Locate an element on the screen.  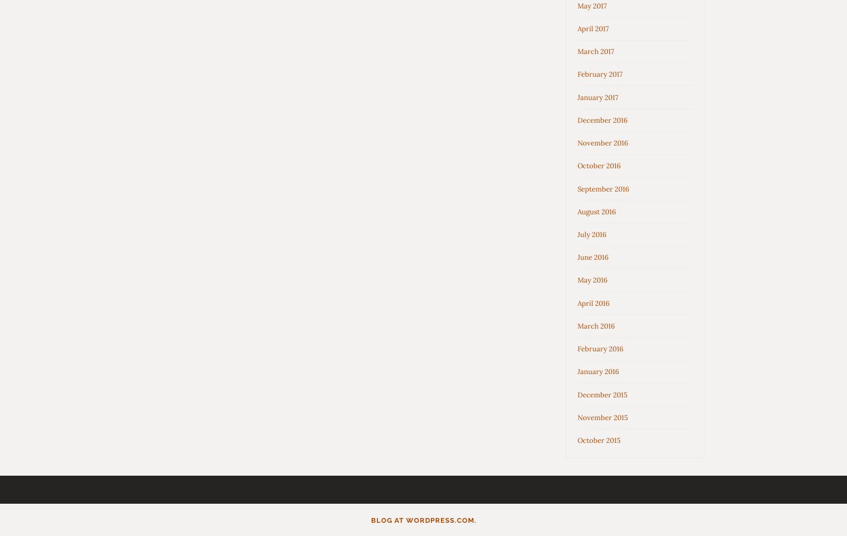
'August 2016' is located at coordinates (597, 211).